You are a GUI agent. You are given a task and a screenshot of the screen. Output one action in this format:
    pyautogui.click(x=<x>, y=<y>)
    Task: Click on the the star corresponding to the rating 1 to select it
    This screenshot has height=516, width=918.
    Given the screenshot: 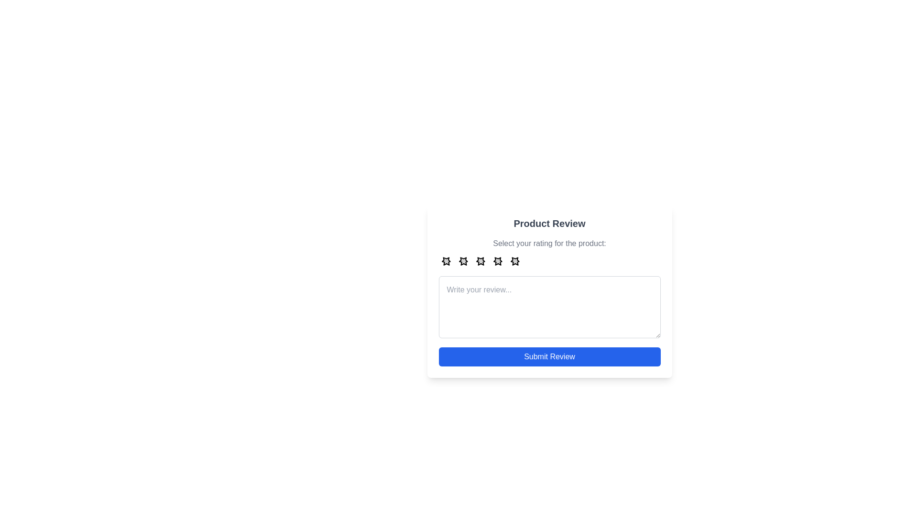 What is the action you would take?
    pyautogui.click(x=446, y=261)
    